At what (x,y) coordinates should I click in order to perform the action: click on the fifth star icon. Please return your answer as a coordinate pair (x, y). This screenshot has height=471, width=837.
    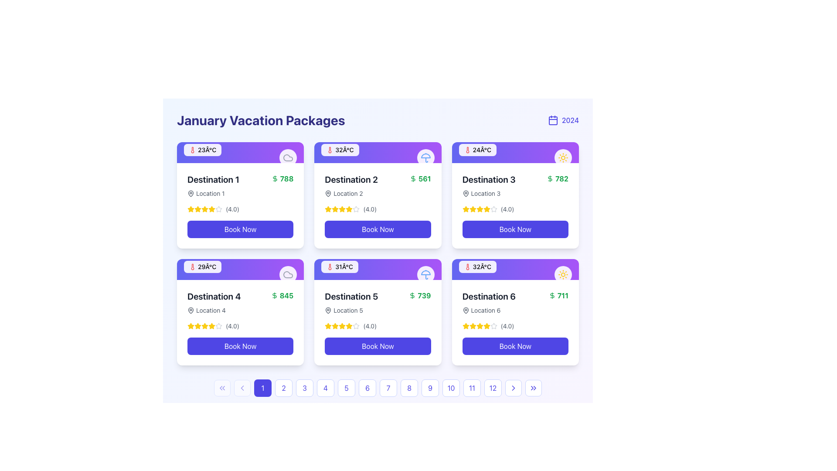
    Looking at the image, I should click on (211, 209).